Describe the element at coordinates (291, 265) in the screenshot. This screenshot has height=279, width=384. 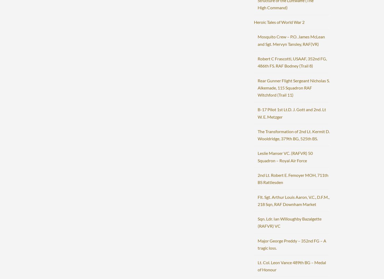
I see `'Lt. Col. Leon Vance 489th BG – Medal of Honour'` at that location.